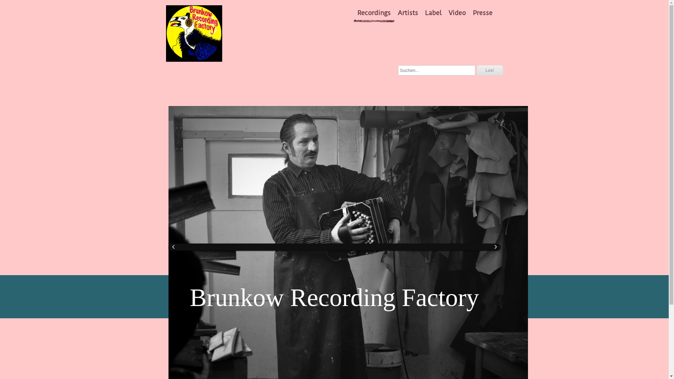 The image size is (674, 379). Describe the element at coordinates (482, 13) in the screenshot. I see `'Presse'` at that location.